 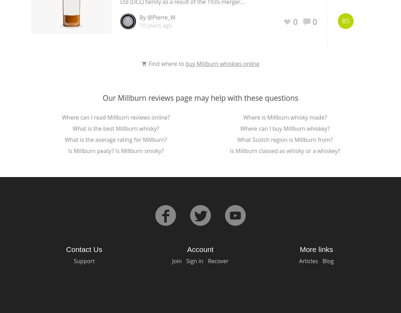 What do you see at coordinates (200, 249) in the screenshot?
I see `'Account'` at bounding box center [200, 249].